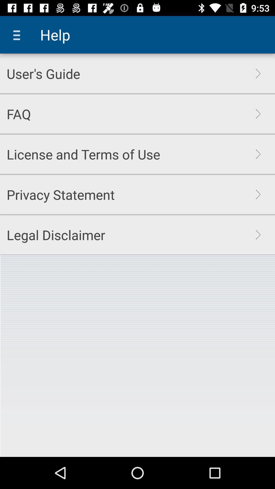 This screenshot has width=275, height=489. Describe the element at coordinates (18, 34) in the screenshot. I see `icon above the user's guide` at that location.